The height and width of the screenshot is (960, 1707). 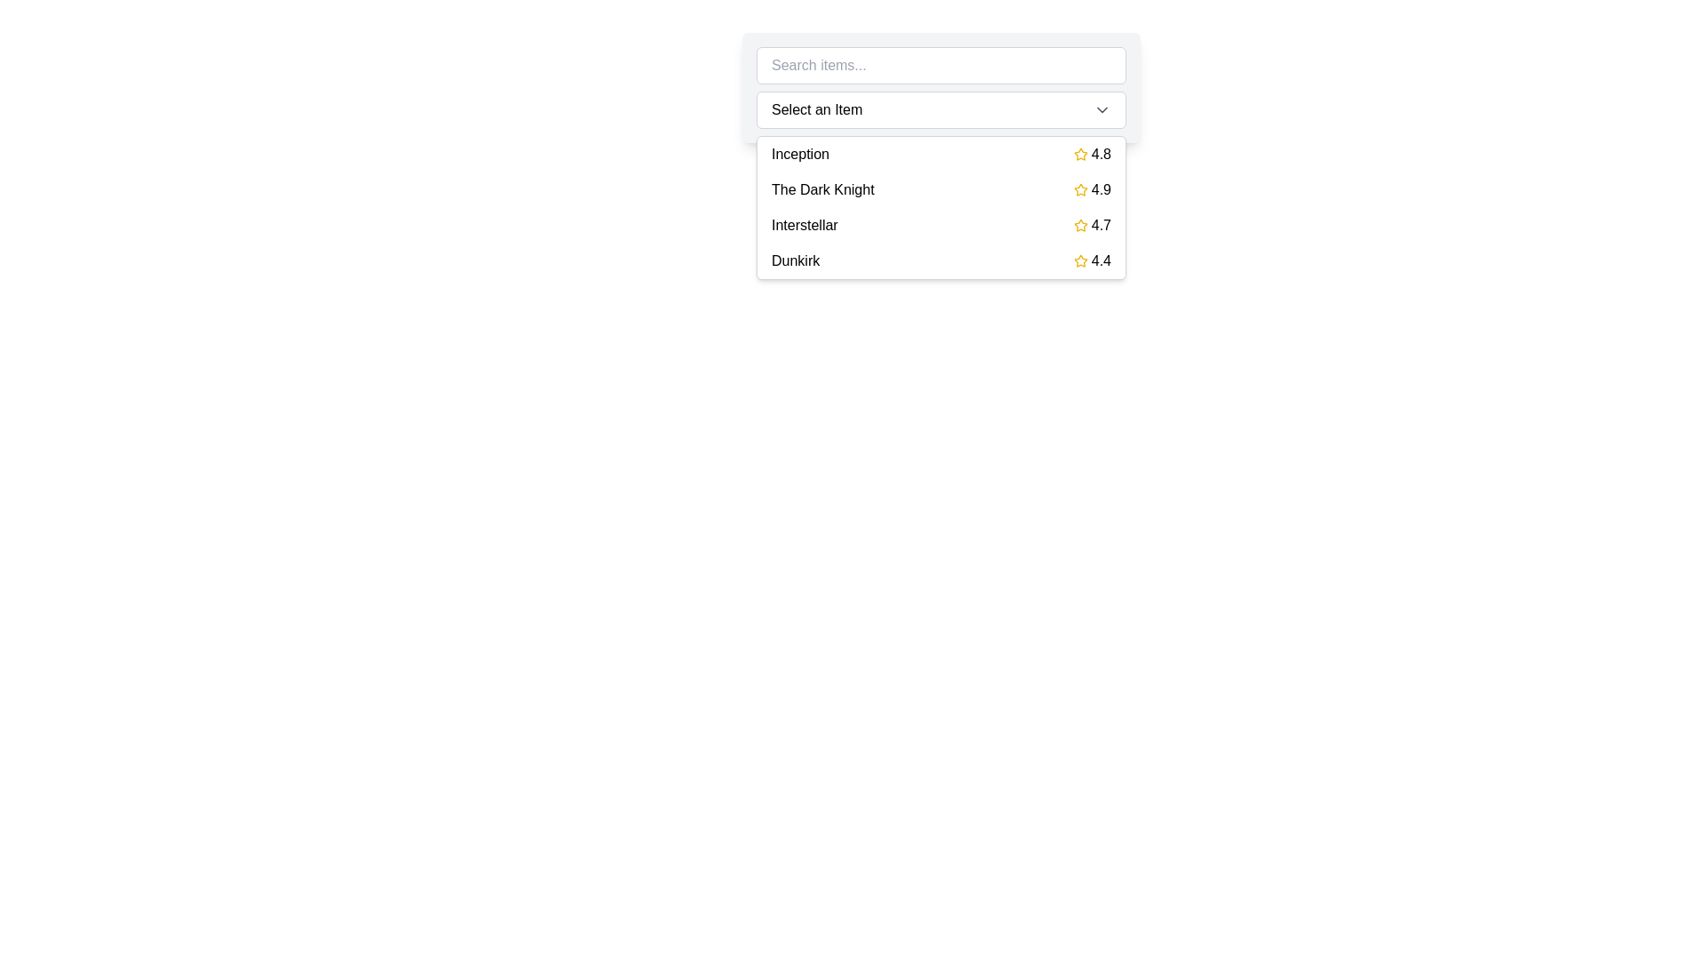 What do you see at coordinates (941, 153) in the screenshot?
I see `the list item displaying the movie 'Inception' with a rating of 4.8 in the dropdown menu` at bounding box center [941, 153].